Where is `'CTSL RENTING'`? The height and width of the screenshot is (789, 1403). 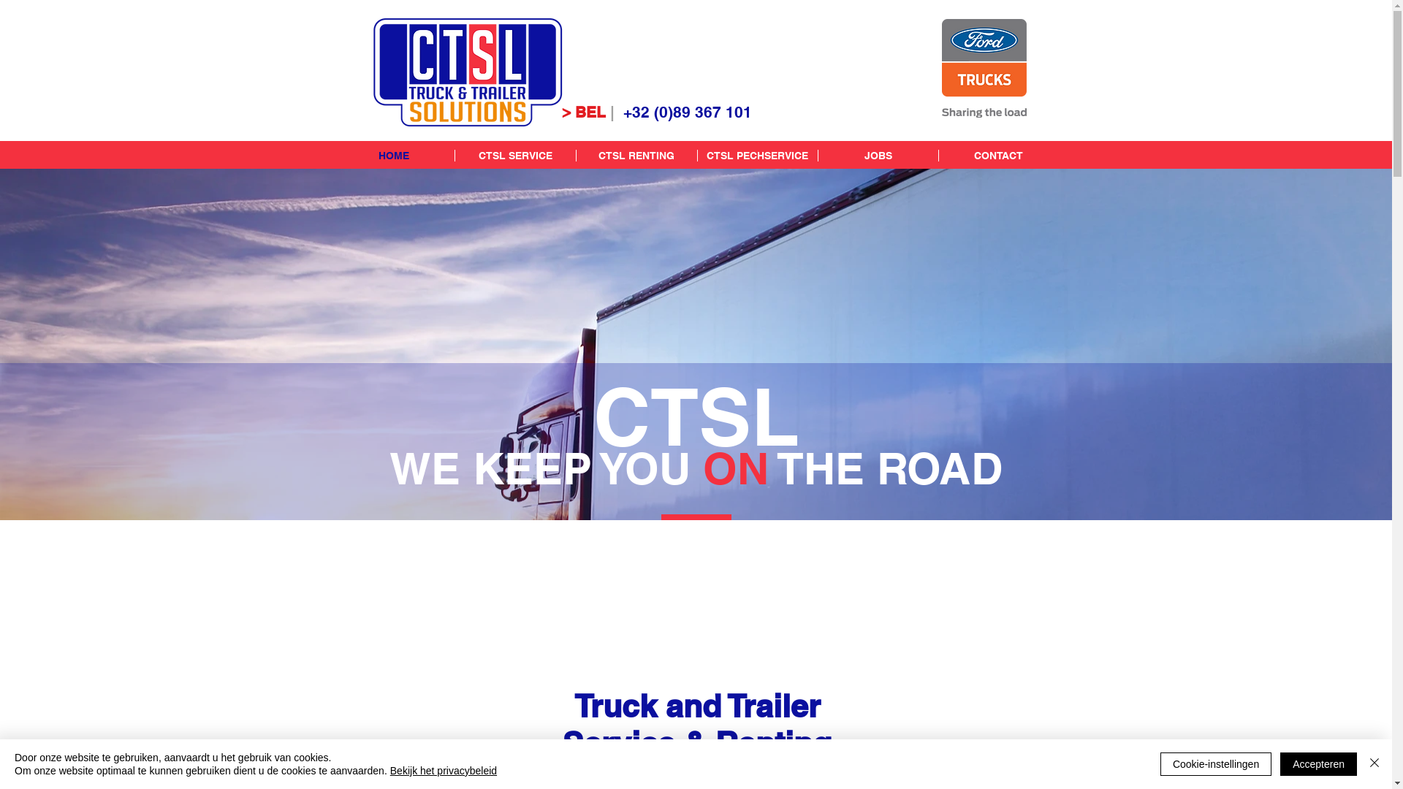 'CTSL RENTING' is located at coordinates (636, 155).